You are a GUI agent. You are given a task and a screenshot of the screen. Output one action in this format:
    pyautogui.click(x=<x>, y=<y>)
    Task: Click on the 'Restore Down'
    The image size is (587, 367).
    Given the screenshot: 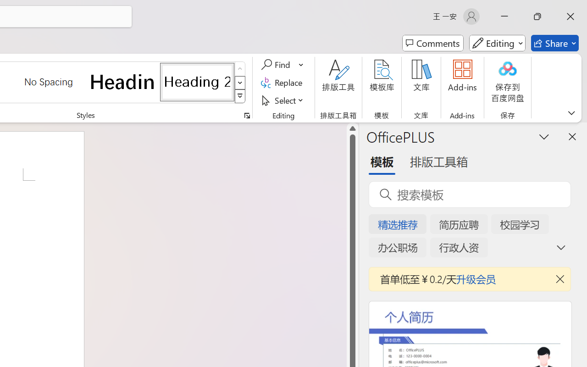 What is the action you would take?
    pyautogui.click(x=537, y=16)
    